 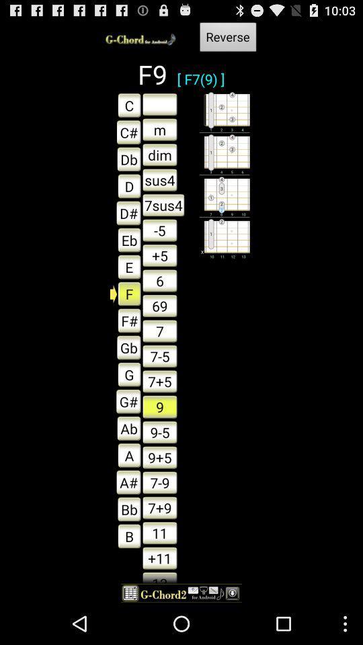 I want to click on the 13 icon, so click(x=159, y=576).